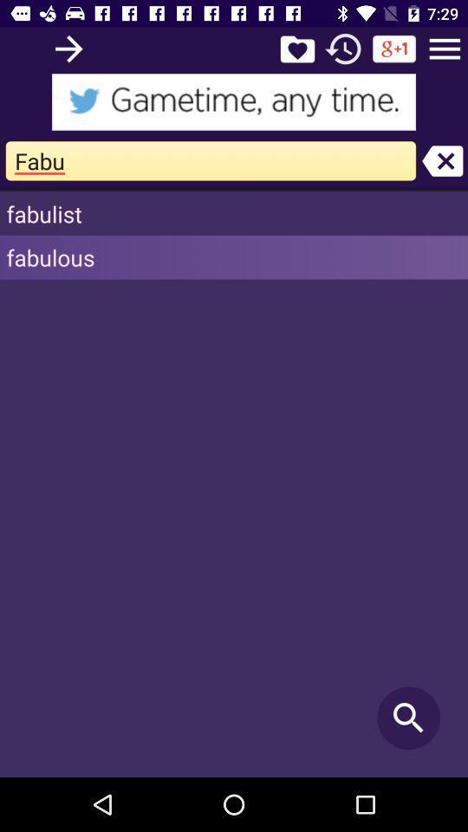 The image size is (468, 832). I want to click on open settings, so click(445, 48).